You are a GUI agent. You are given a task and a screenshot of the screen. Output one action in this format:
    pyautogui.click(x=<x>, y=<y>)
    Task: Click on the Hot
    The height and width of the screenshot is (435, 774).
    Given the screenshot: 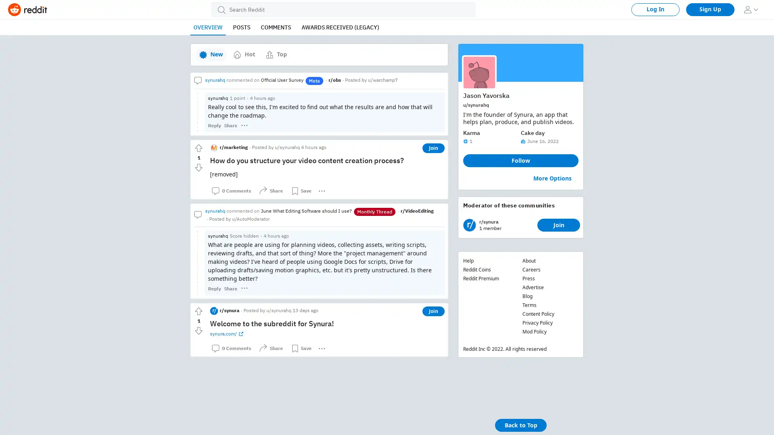 What is the action you would take?
    pyautogui.click(x=243, y=54)
    